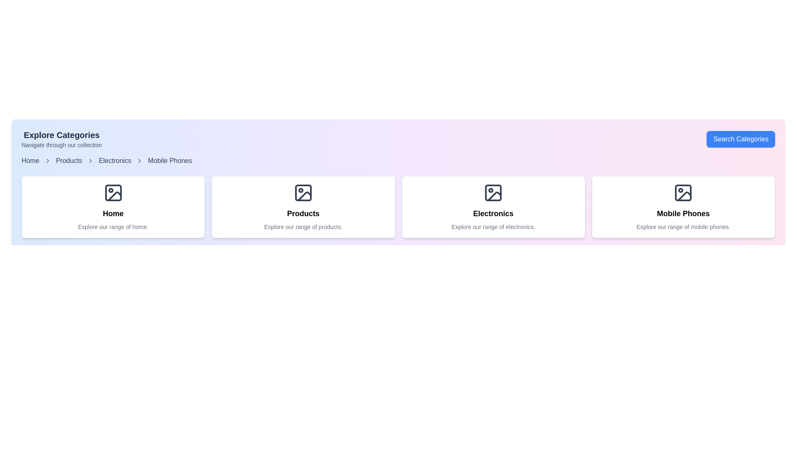  What do you see at coordinates (493, 213) in the screenshot?
I see `the 'Electronics' text label` at bounding box center [493, 213].